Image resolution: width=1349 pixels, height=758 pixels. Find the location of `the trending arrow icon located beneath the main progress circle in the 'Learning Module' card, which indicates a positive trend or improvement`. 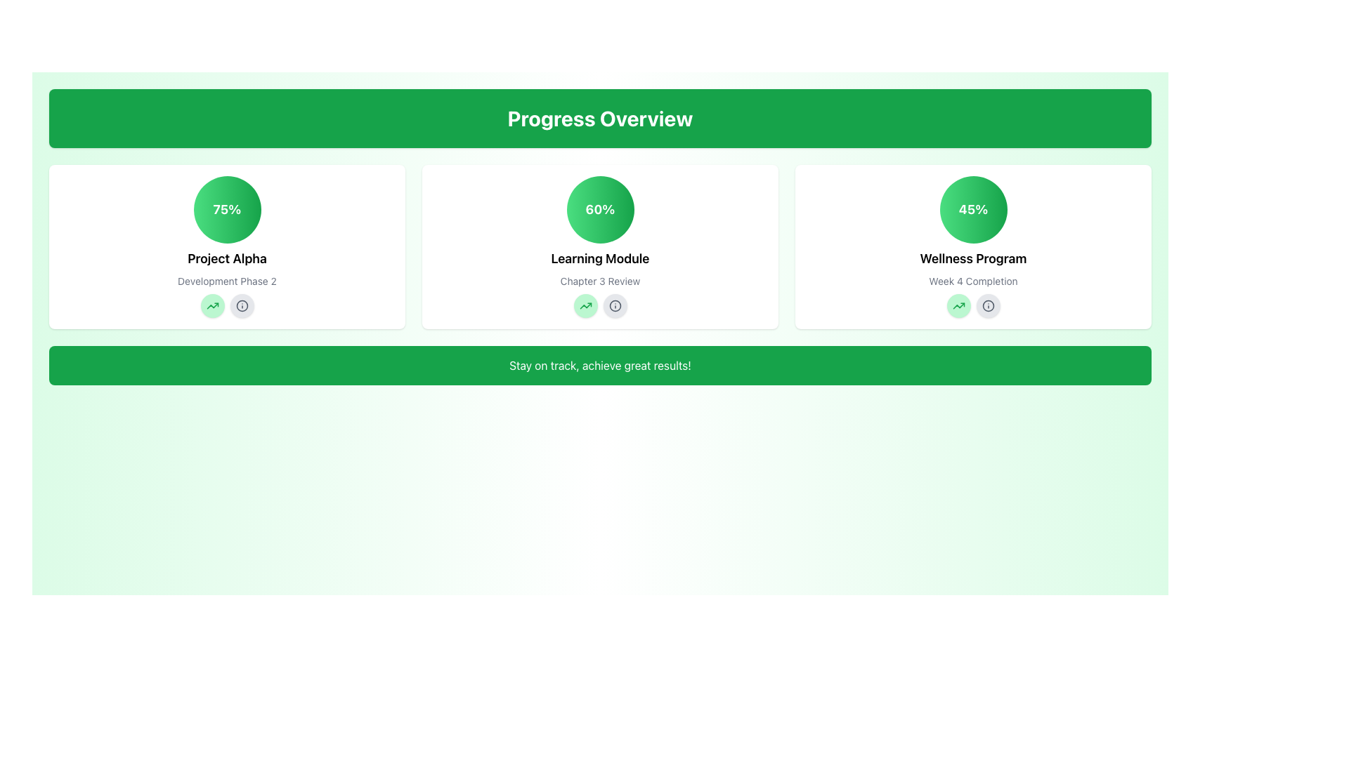

the trending arrow icon located beneath the main progress circle in the 'Learning Module' card, which indicates a positive trend or improvement is located at coordinates (585, 305).